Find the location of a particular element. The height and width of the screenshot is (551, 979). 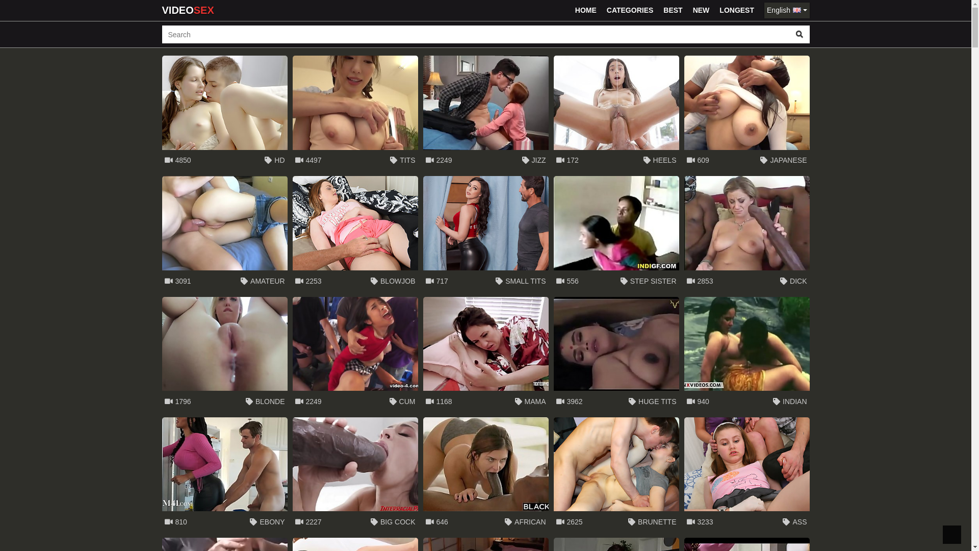

'VIDEOSEX' is located at coordinates (161, 10).